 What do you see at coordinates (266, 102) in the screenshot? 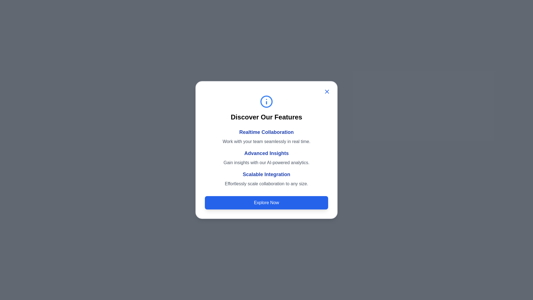
I see `the information icon represented by a circular blue outline located at the top of the 'Discover Our Features' dialog box` at bounding box center [266, 102].